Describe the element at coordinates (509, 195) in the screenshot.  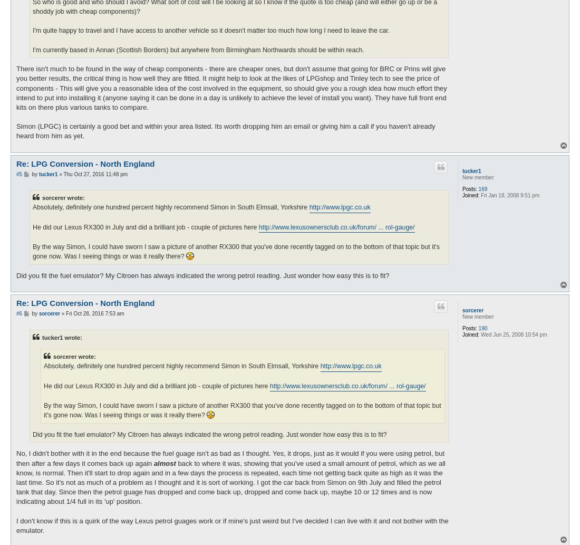
I see `'Fri Jan 18, 2008 9:51 pm'` at that location.